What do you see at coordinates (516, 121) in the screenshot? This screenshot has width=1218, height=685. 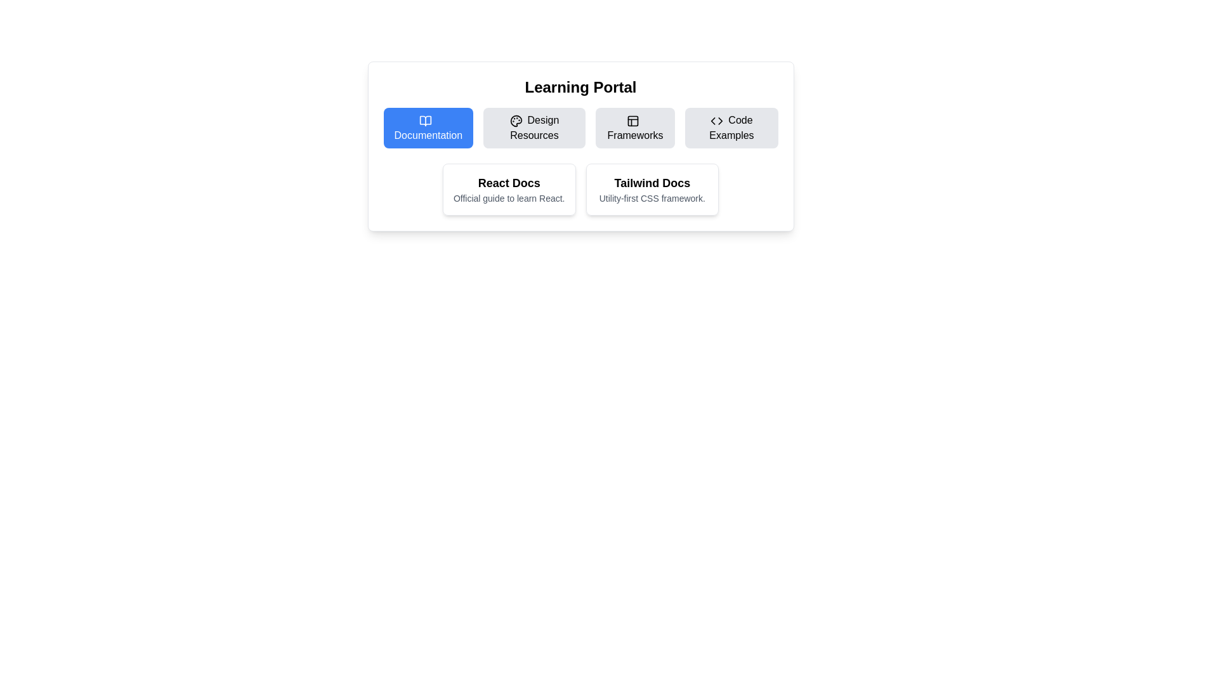 I see `the SVG icon depicting a palette tool, which is located to the left of the 'Design Resources' text within the button labeled 'Design Resources'` at bounding box center [516, 121].